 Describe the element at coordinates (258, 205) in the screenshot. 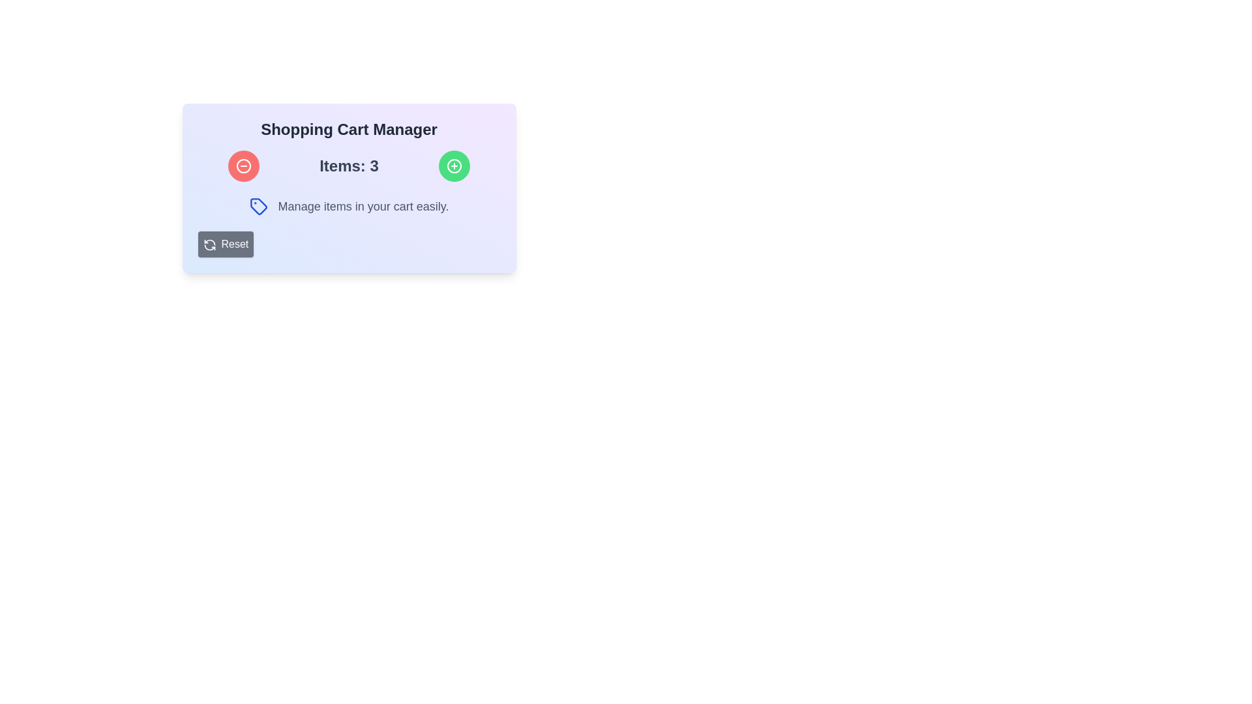

I see `the tagging or categorization icon located above the descriptive text 'Manage items in your cart easily.' and below the main header 'Shopping Cart Manager'` at that location.